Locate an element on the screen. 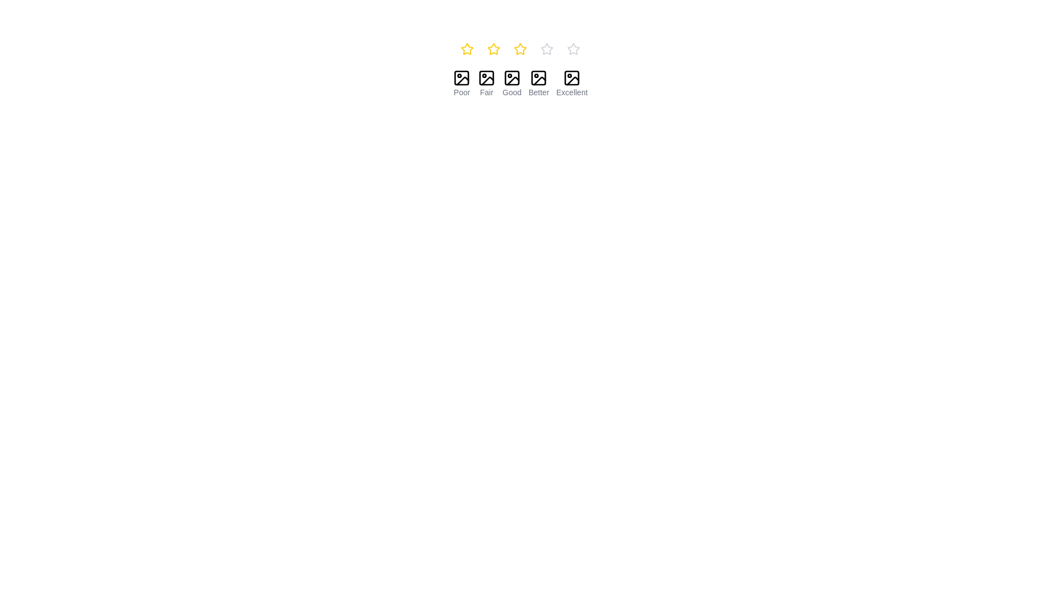 The width and height of the screenshot is (1063, 598). the text label displaying 'Excellent' in small gray-colored font, which serves as a descriptive label or evaluation indicator is located at coordinates (572, 91).